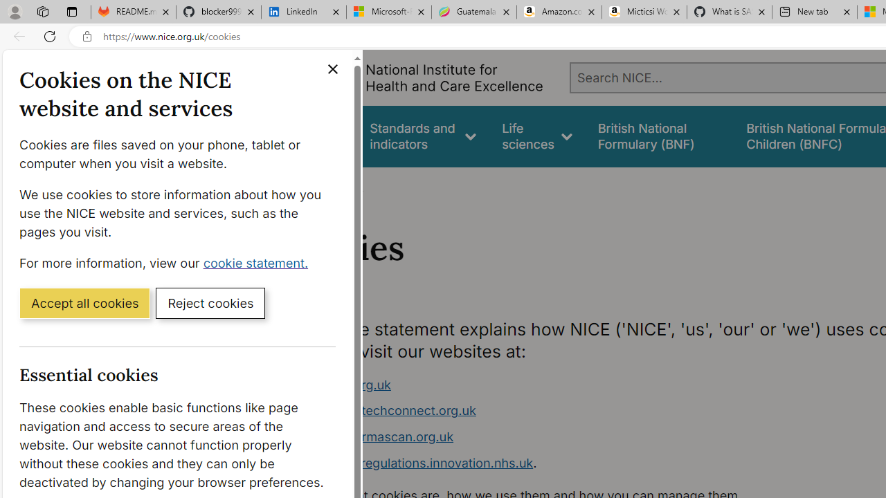  What do you see at coordinates (536, 136) in the screenshot?
I see `'Life sciences'` at bounding box center [536, 136].